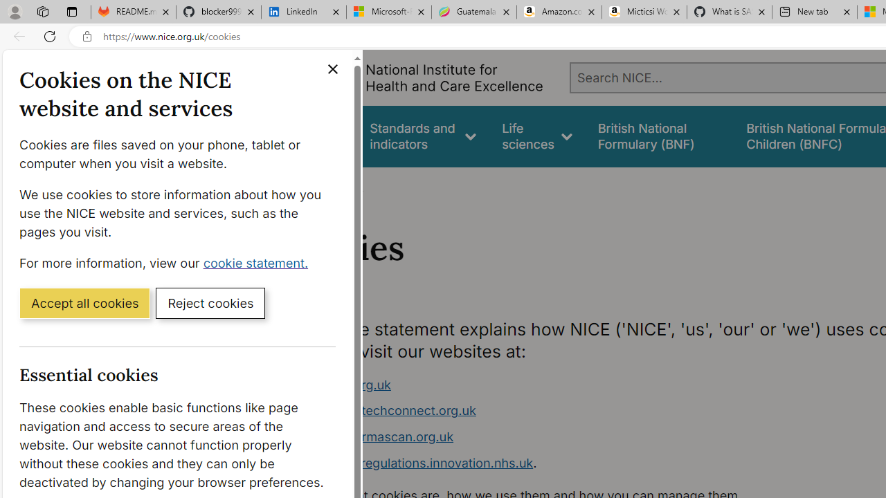  What do you see at coordinates (536, 136) in the screenshot?
I see `'Life sciences'` at bounding box center [536, 136].